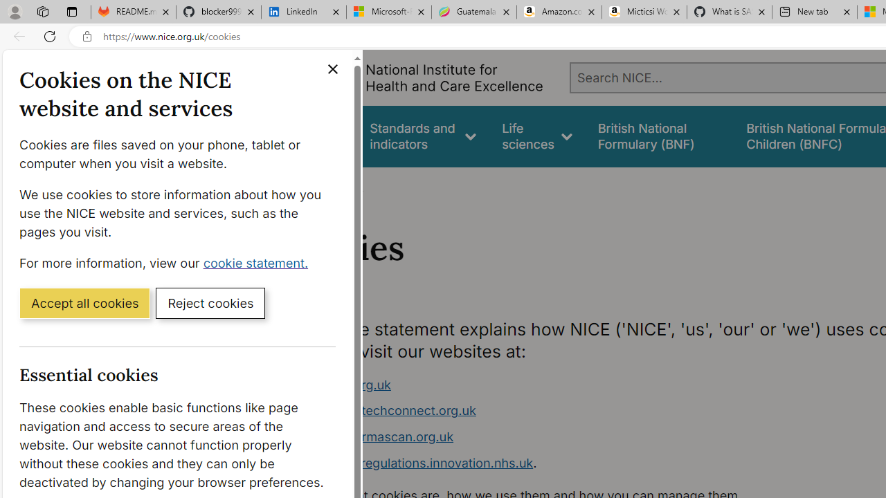  What do you see at coordinates (536, 136) in the screenshot?
I see `'Life sciences'` at bounding box center [536, 136].